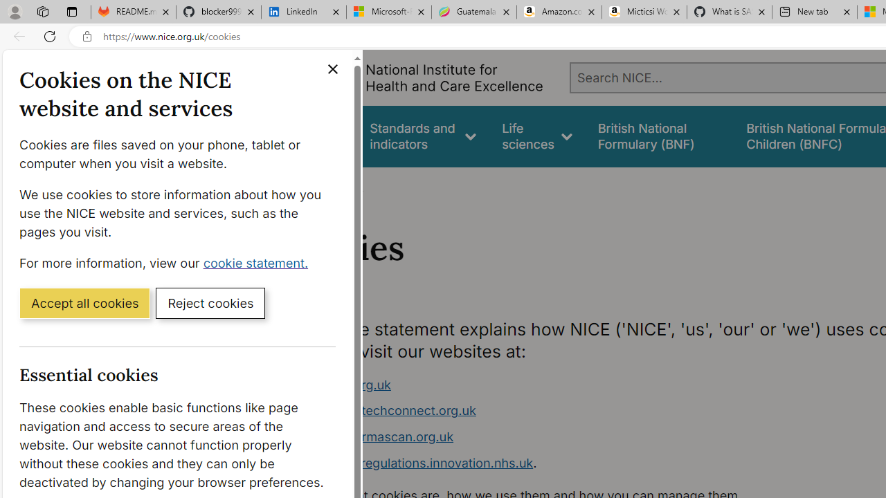  What do you see at coordinates (536, 136) in the screenshot?
I see `'Life sciences'` at bounding box center [536, 136].